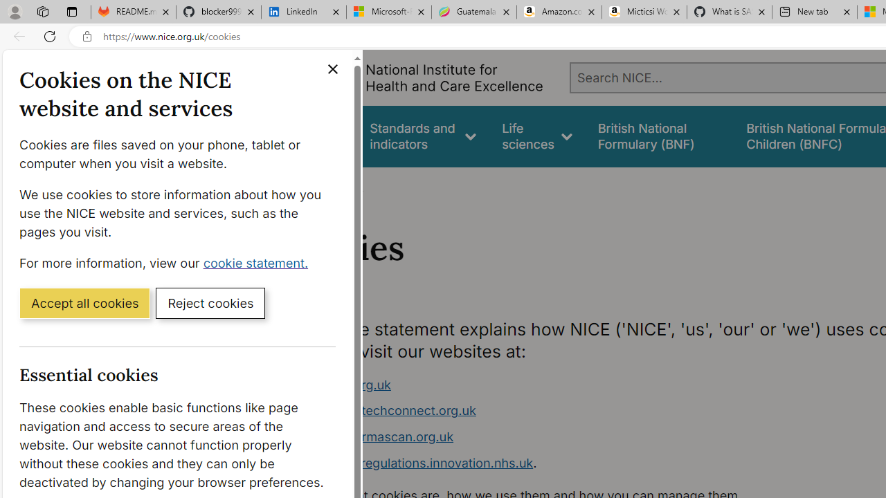  What do you see at coordinates (536, 136) in the screenshot?
I see `'Life sciences'` at bounding box center [536, 136].